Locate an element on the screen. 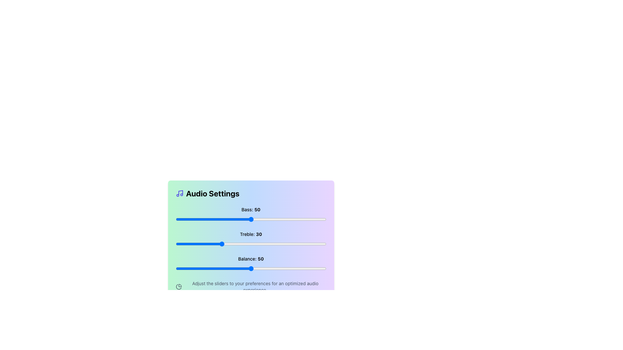 The height and width of the screenshot is (350, 623). balance is located at coordinates (195, 269).